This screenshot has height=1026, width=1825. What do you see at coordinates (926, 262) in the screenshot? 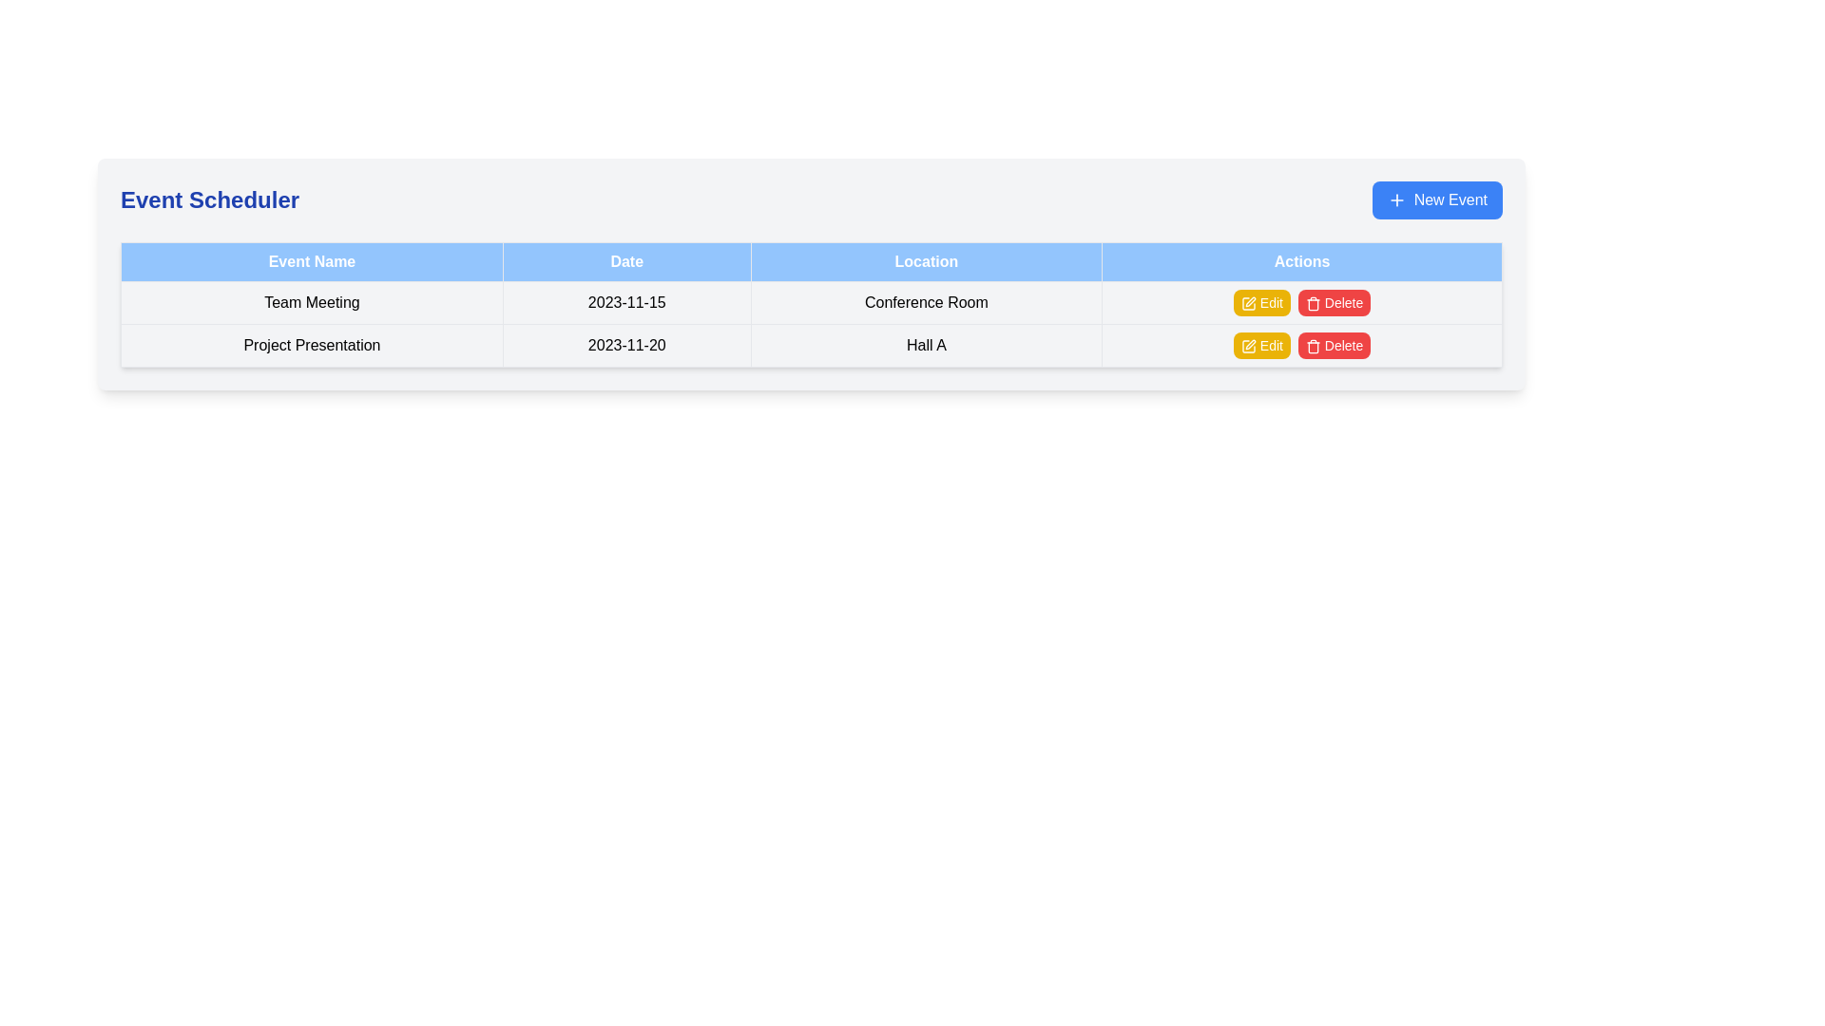
I see `the Table Header Cell labeled 'Location', which is the third column heading in the table header row, visually represented in a light blue rectangular section` at bounding box center [926, 262].